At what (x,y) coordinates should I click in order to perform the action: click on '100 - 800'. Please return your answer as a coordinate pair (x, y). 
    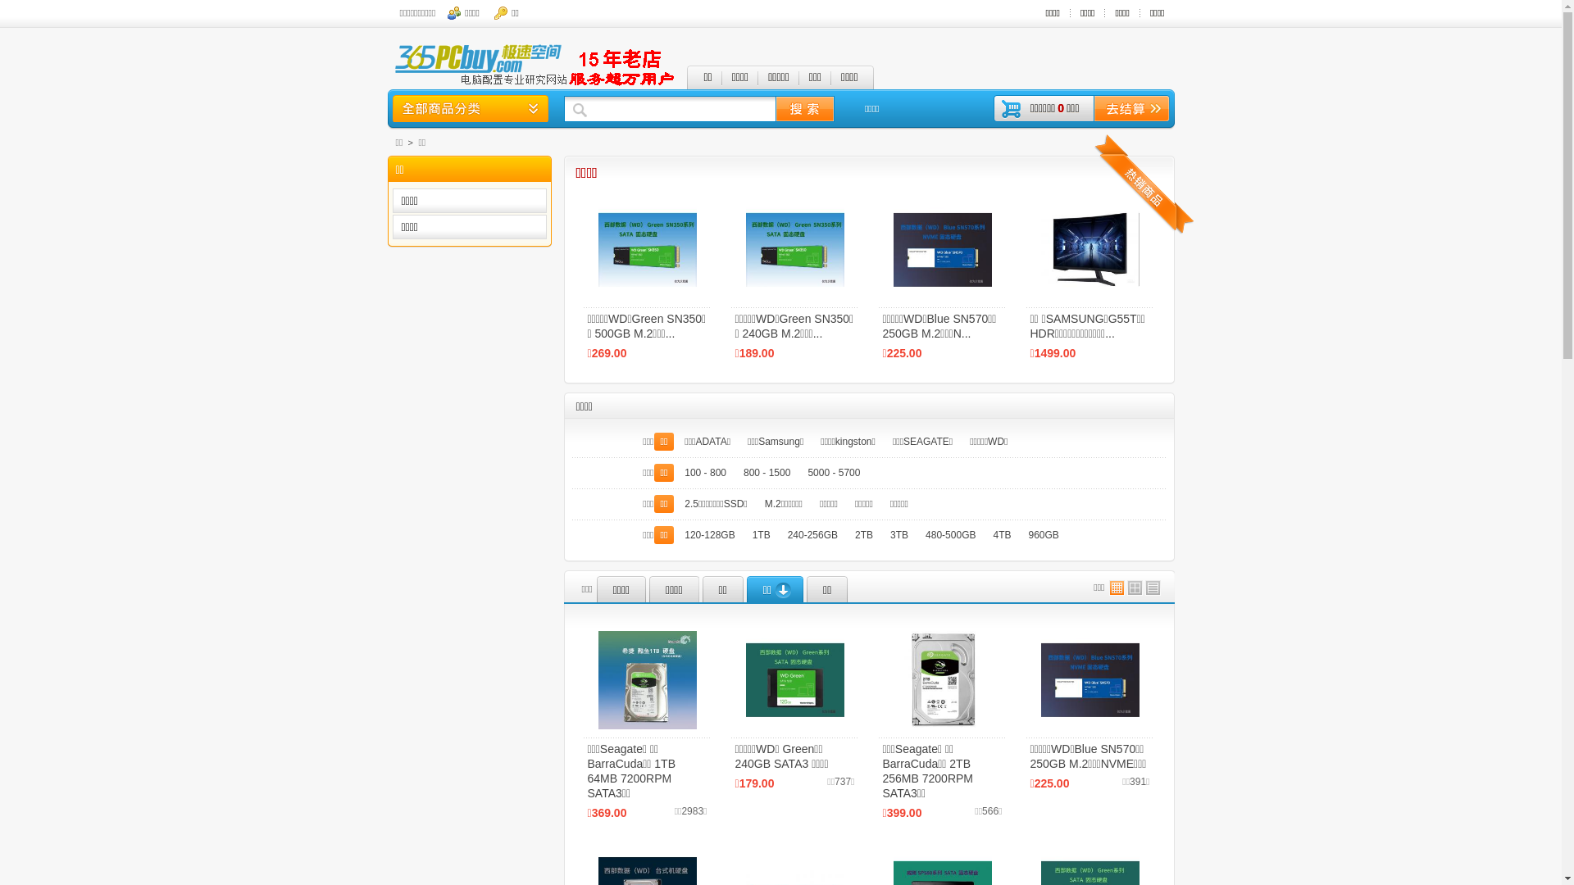
    Looking at the image, I should click on (705, 473).